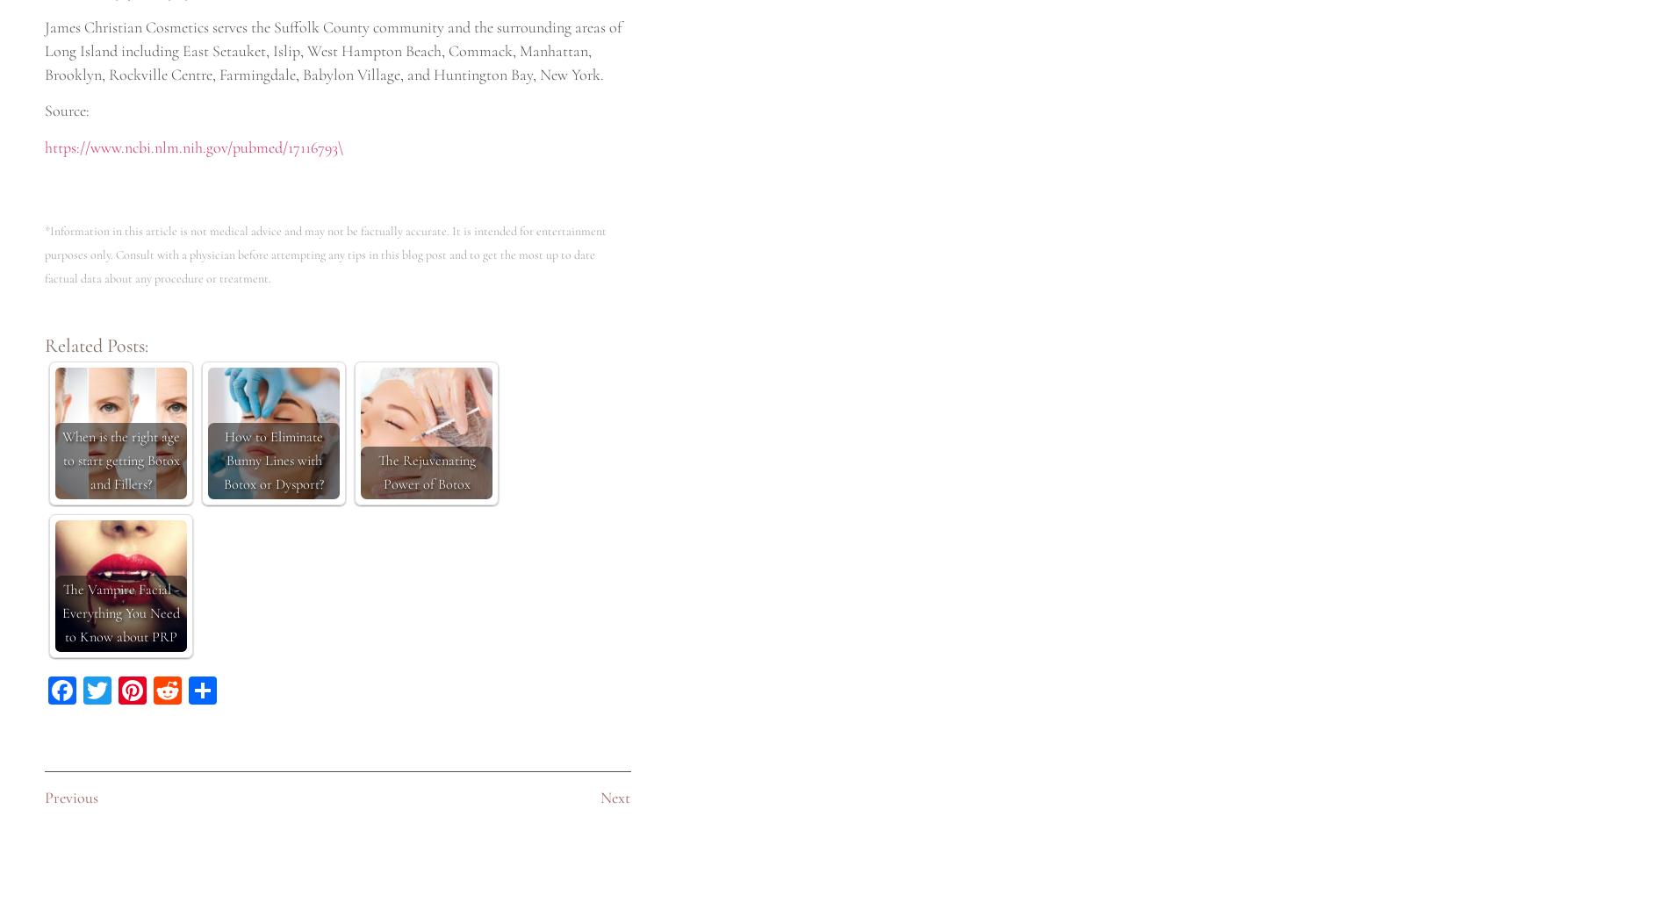 Image resolution: width=1675 pixels, height=902 pixels. I want to click on 'Previous', so click(70, 797).